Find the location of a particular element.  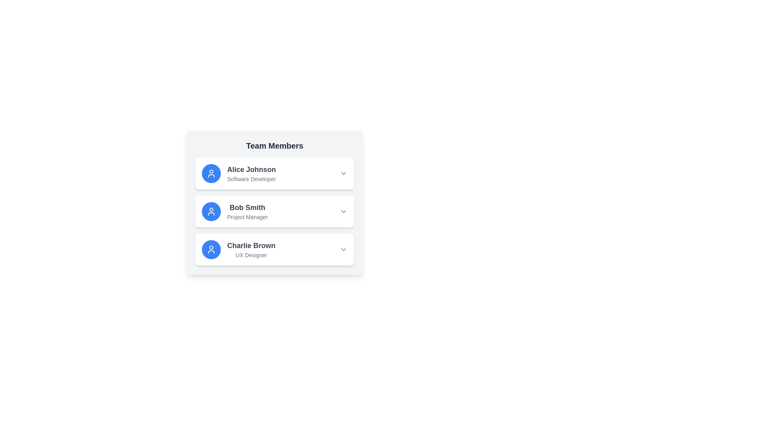

the text element displaying 'Alice Johnson', which is a large bold text above 'Software Developer', positioned in the first row of the 'Team Members' list is located at coordinates (251, 173).